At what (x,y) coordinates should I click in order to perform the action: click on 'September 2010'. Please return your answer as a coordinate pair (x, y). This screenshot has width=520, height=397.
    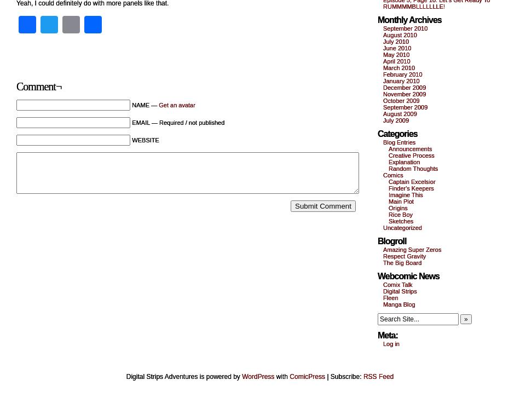
    Looking at the image, I should click on (405, 28).